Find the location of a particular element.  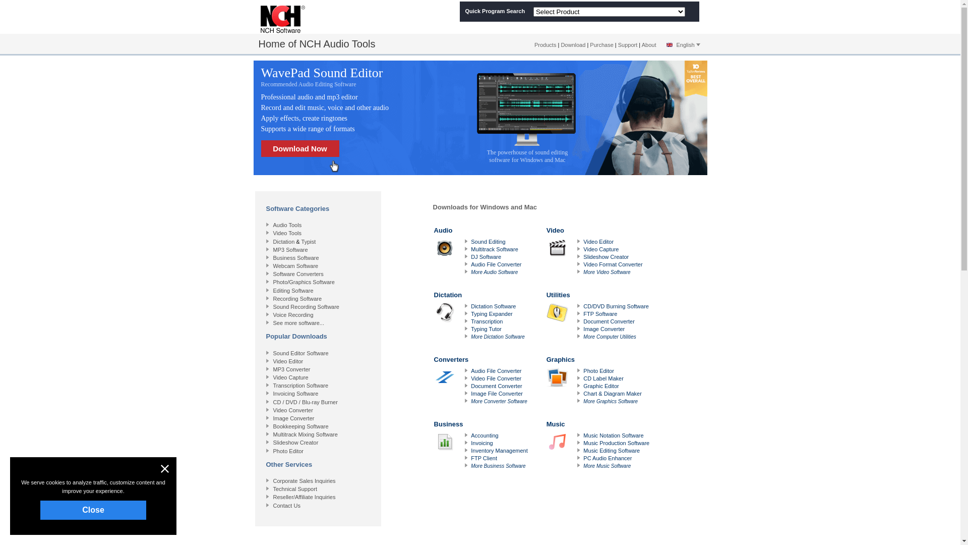

'Video Tools' is located at coordinates (273, 233).